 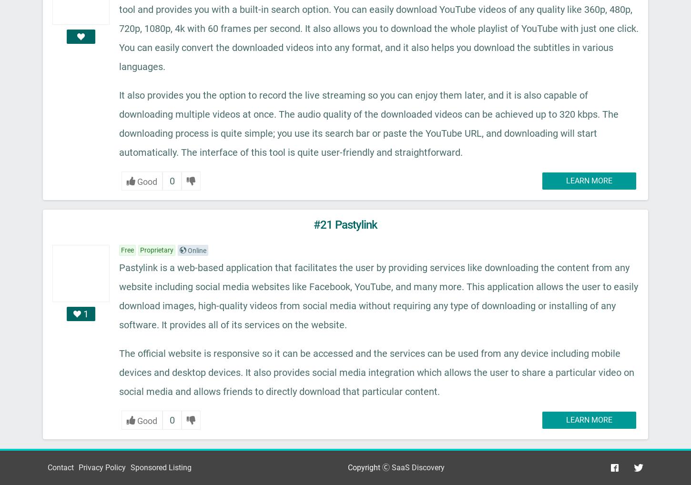 I want to click on '#21 Pastylink', so click(x=313, y=224).